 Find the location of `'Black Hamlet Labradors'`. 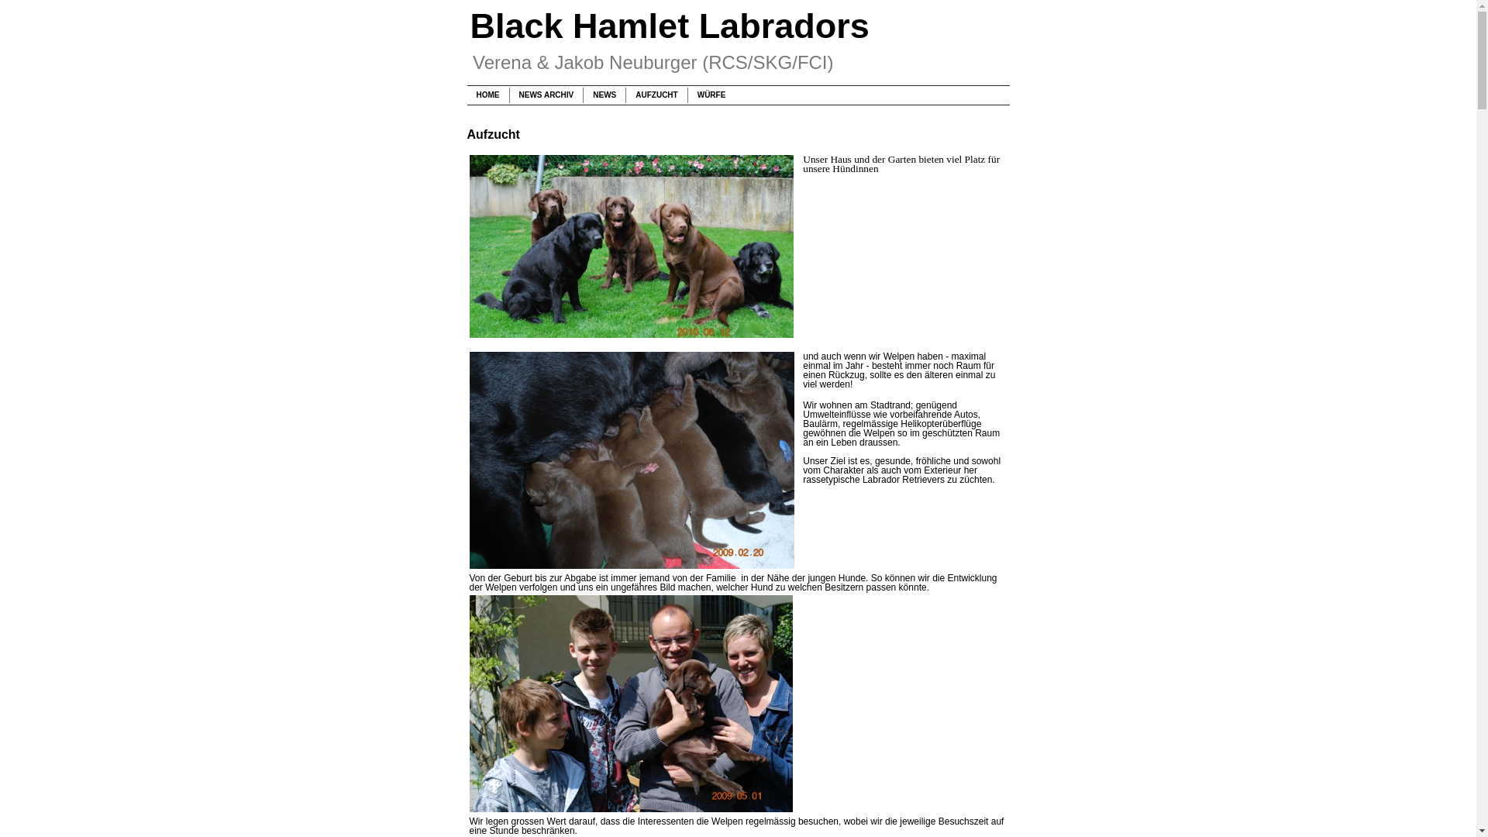

'Black Hamlet Labradors' is located at coordinates (669, 26).